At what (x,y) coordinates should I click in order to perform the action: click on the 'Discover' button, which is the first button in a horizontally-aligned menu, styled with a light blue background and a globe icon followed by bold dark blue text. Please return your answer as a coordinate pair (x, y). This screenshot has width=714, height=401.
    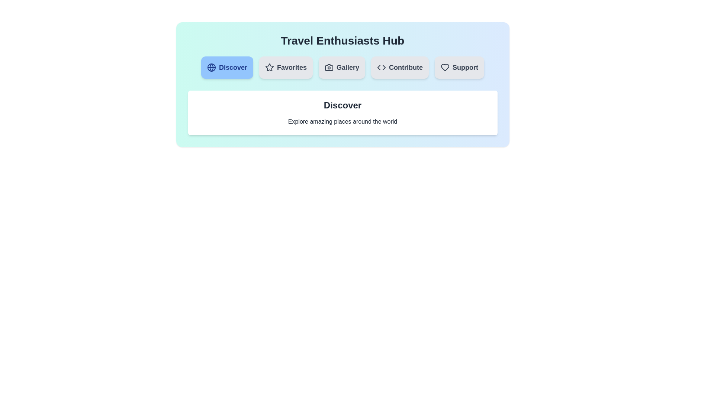
    Looking at the image, I should click on (226, 67).